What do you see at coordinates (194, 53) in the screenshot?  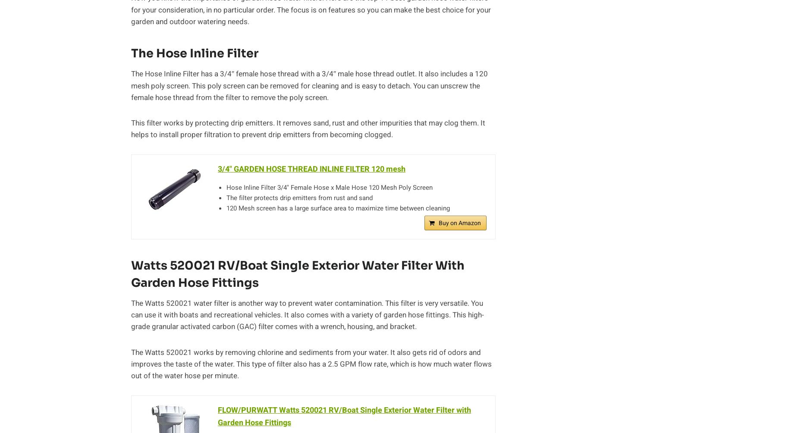 I see `'The Hose Inline Filter'` at bounding box center [194, 53].